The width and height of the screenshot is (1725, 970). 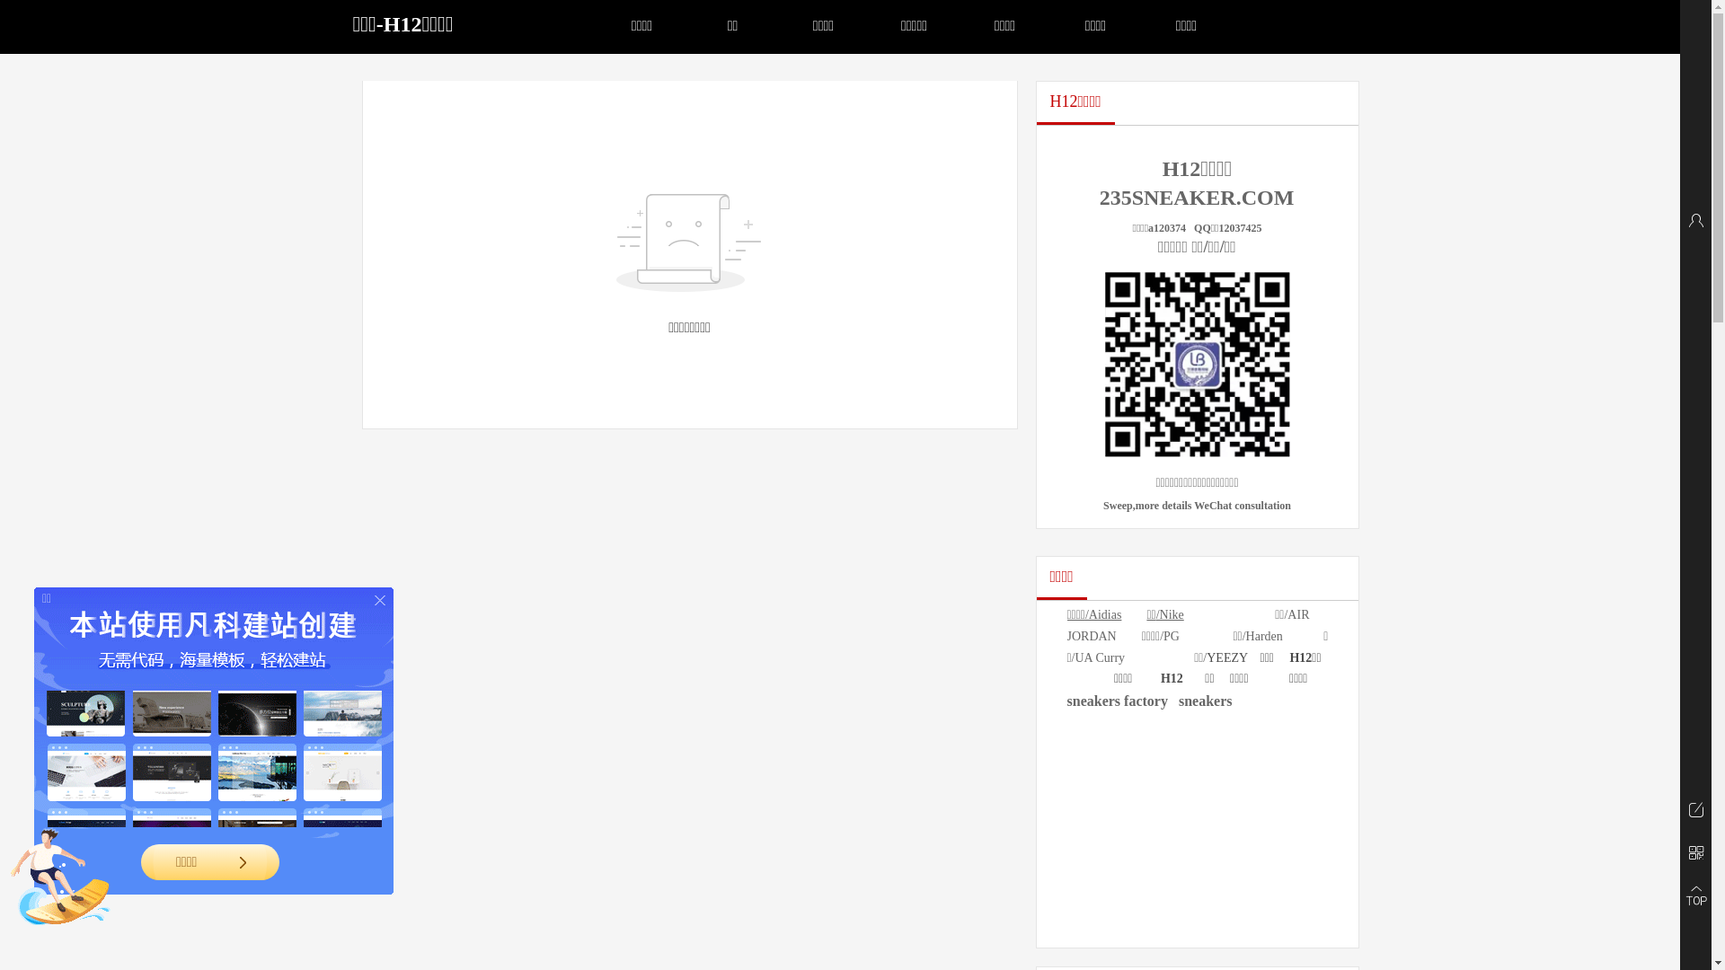 What do you see at coordinates (1172, 678) in the screenshot?
I see `'H12'` at bounding box center [1172, 678].